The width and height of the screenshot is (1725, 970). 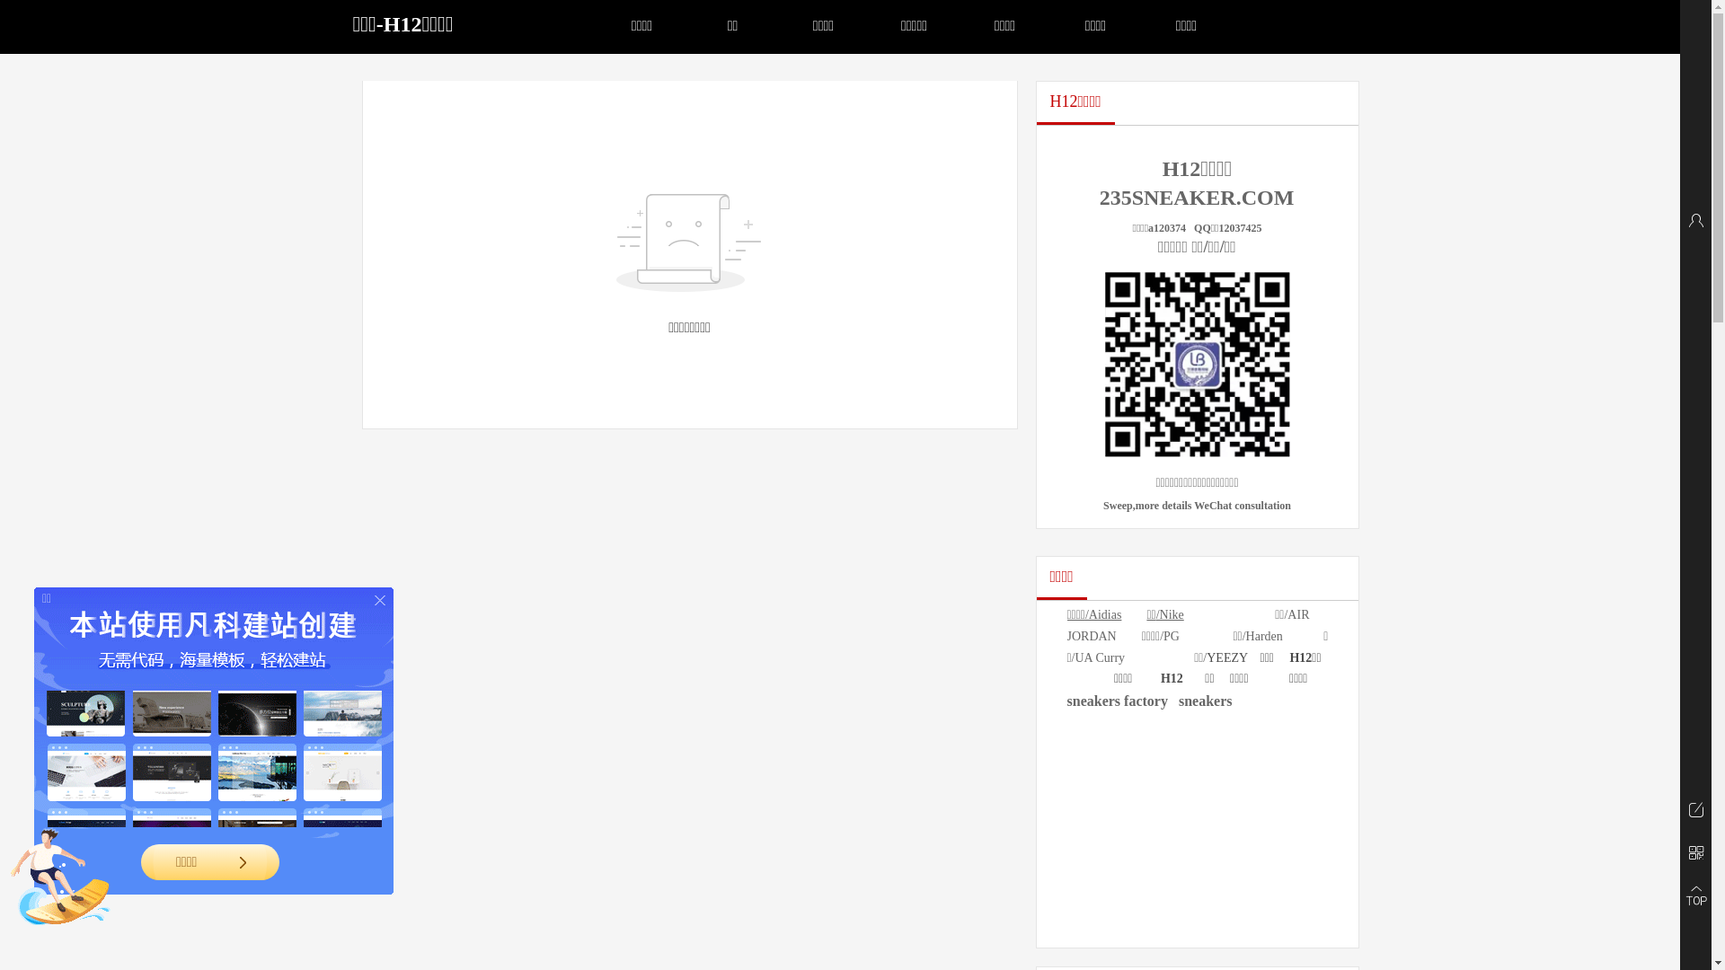 What do you see at coordinates (1172, 678) in the screenshot?
I see `'H12'` at bounding box center [1172, 678].